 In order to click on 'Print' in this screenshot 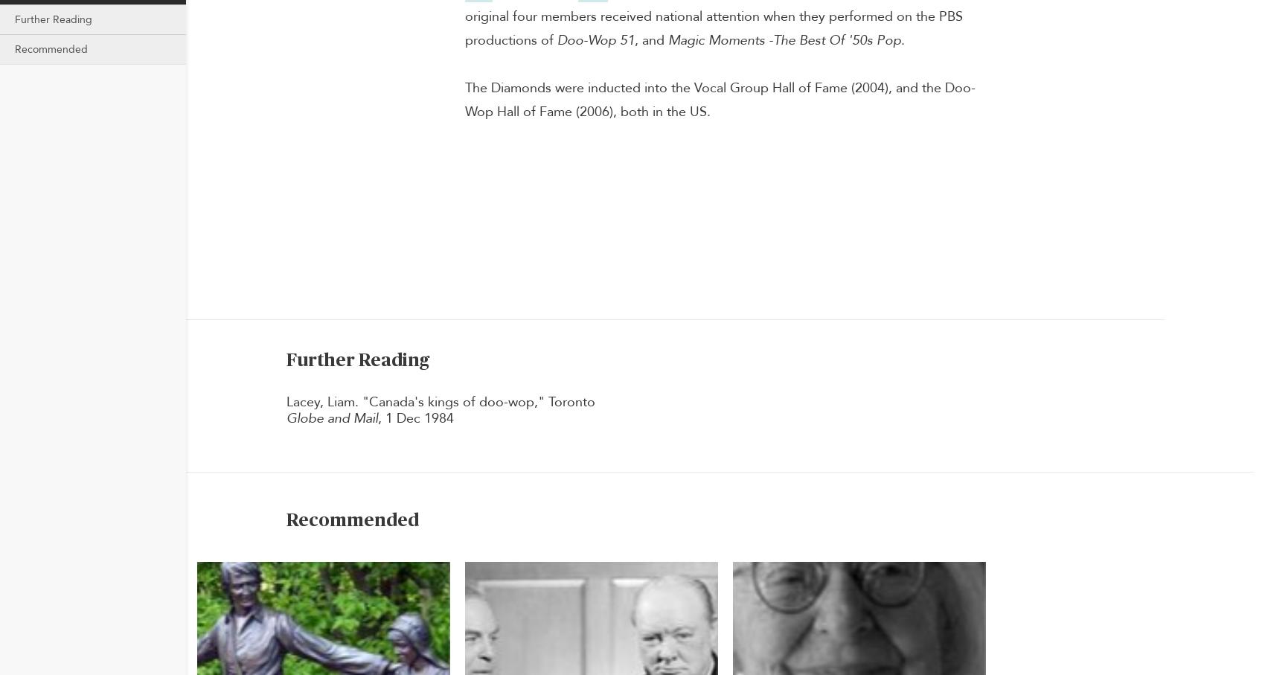, I will do `click(1206, 119)`.